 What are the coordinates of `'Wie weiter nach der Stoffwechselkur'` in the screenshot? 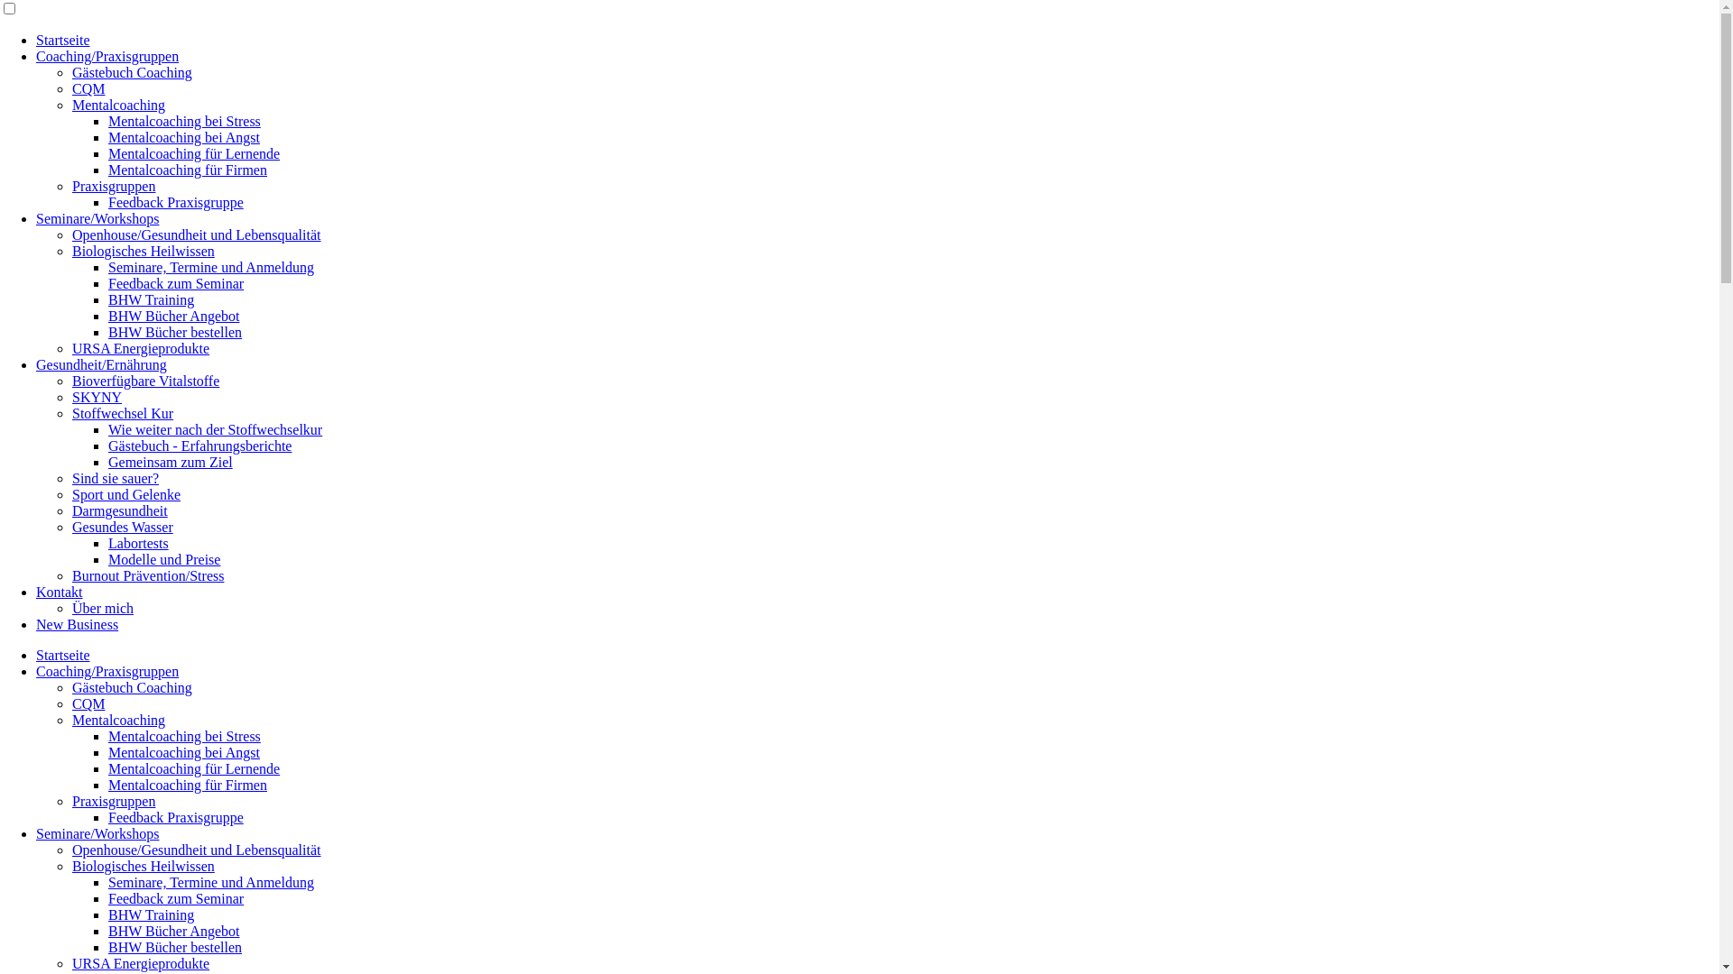 It's located at (215, 429).